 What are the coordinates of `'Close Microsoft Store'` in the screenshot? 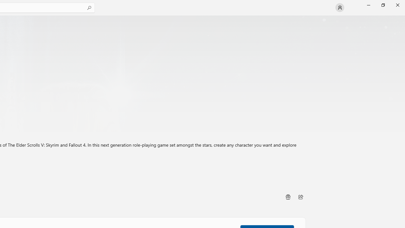 It's located at (397, 5).